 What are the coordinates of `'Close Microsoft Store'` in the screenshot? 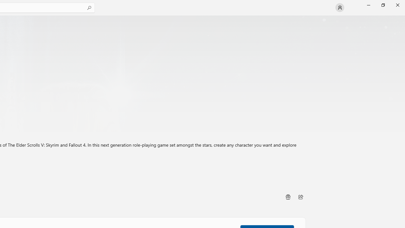 It's located at (397, 5).